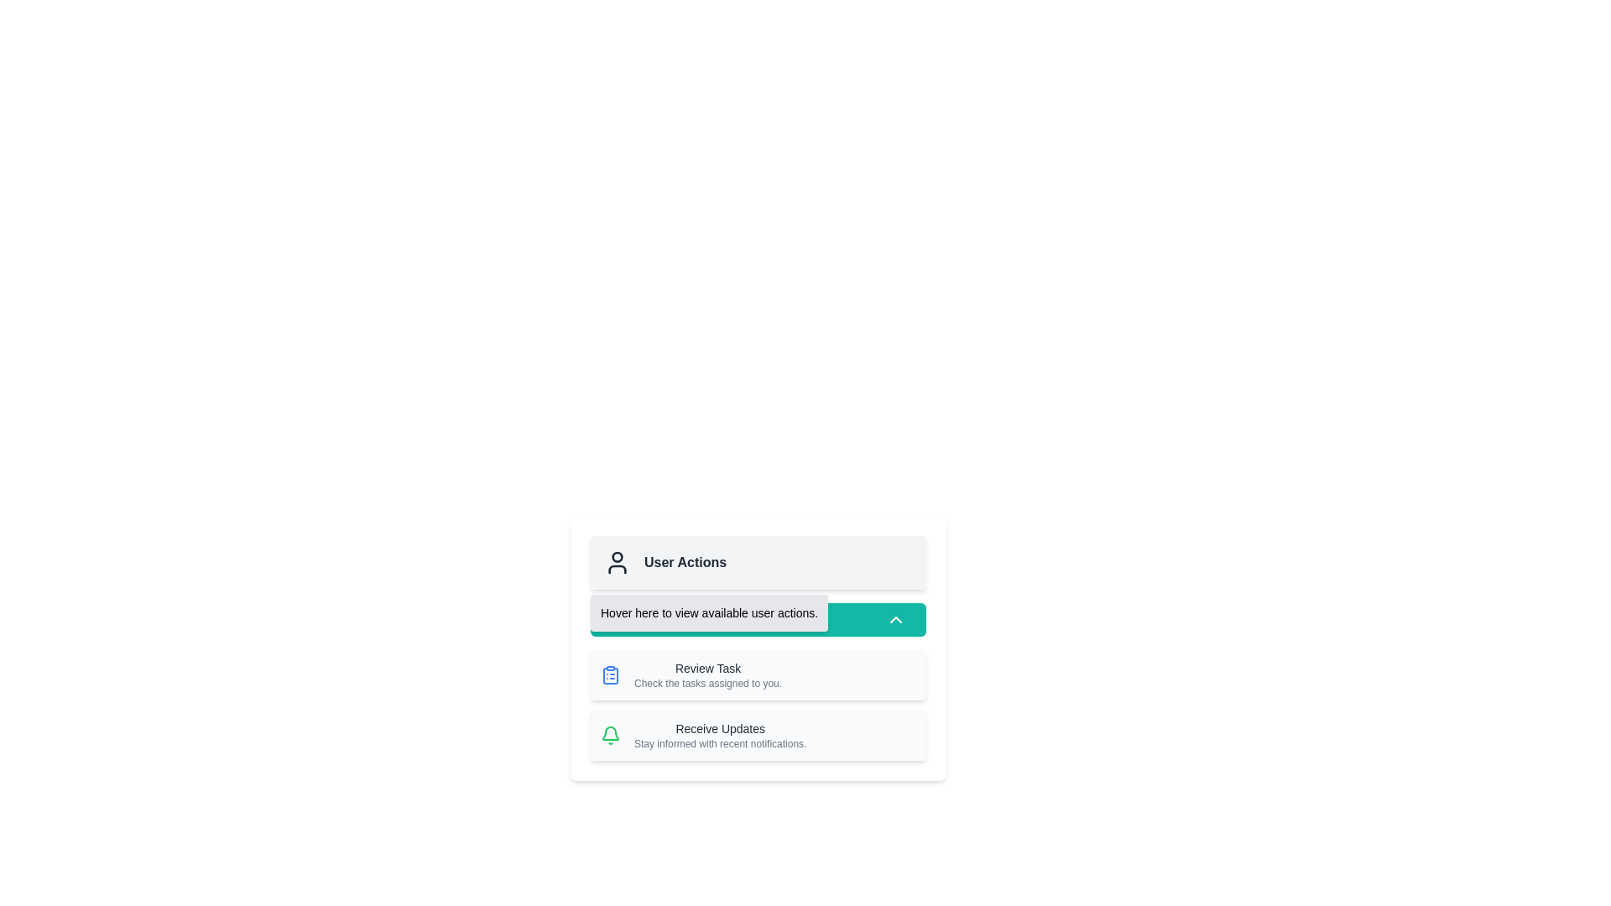 Image resolution: width=1611 pixels, height=906 pixels. Describe the element at coordinates (709, 613) in the screenshot. I see `the Text label with tooltip functionality located directly below the 'User Actions' heading` at that location.